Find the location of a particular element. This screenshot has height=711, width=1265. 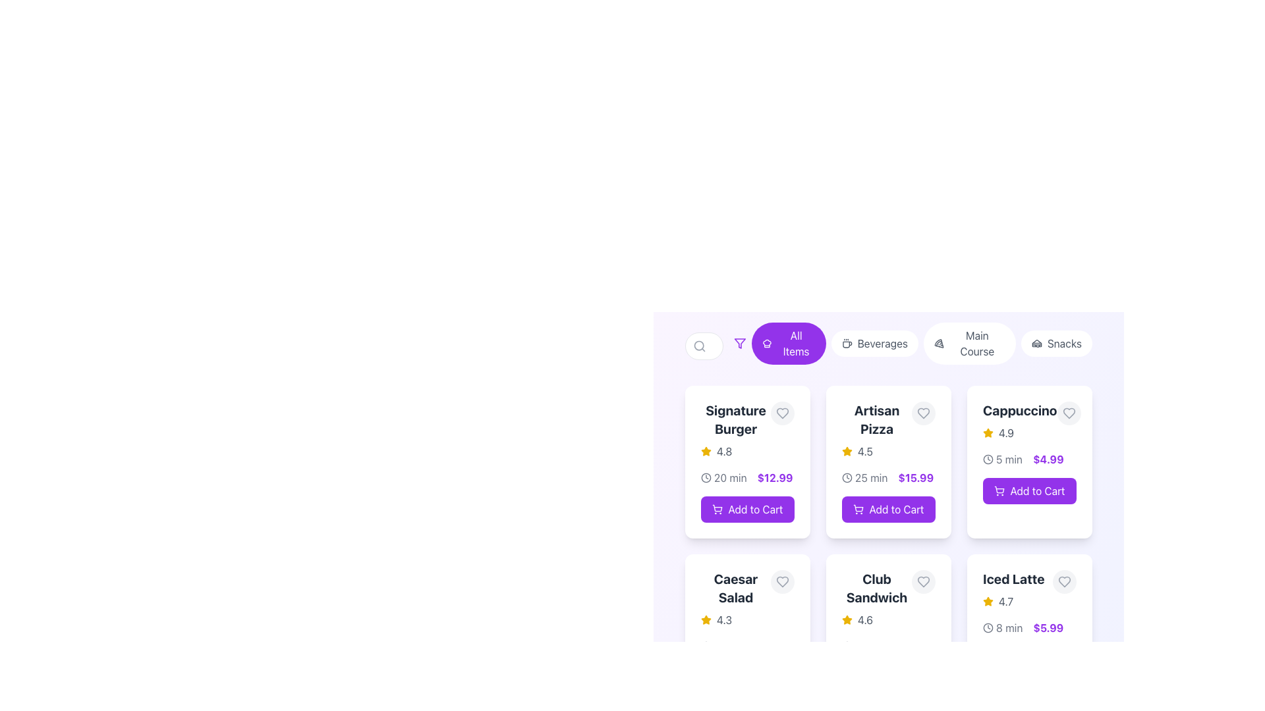

the 'Main Course' category menu item to filter the displayed food items in the selection interface is located at coordinates (969, 342).